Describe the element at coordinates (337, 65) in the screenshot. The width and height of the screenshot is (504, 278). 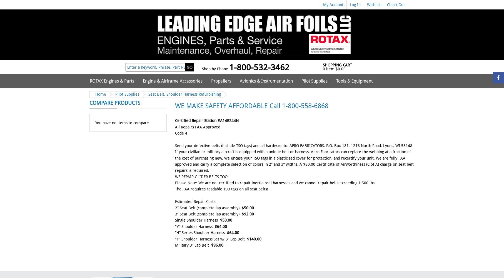
I see `'Shopping Cart'` at that location.